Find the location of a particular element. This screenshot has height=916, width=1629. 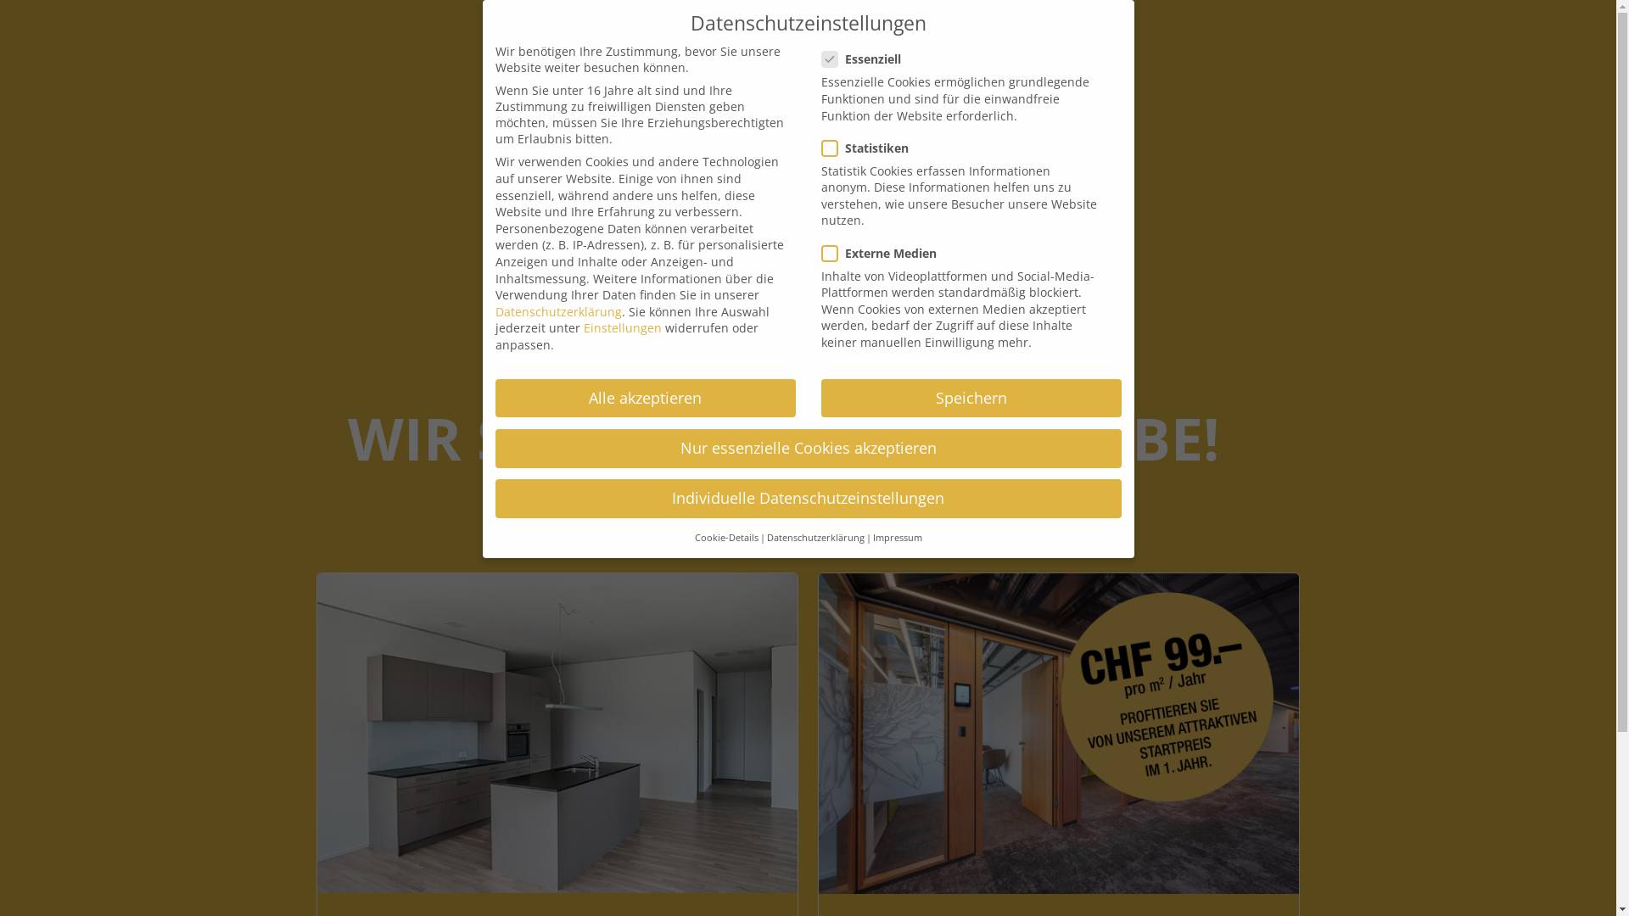

'Alle akzeptieren' is located at coordinates (495, 399).